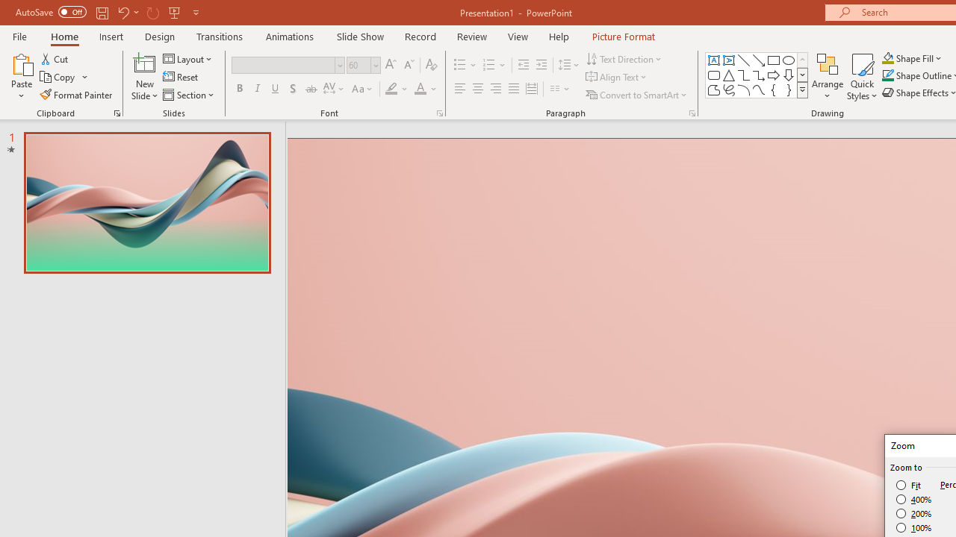  What do you see at coordinates (913, 513) in the screenshot?
I see `'200%'` at bounding box center [913, 513].